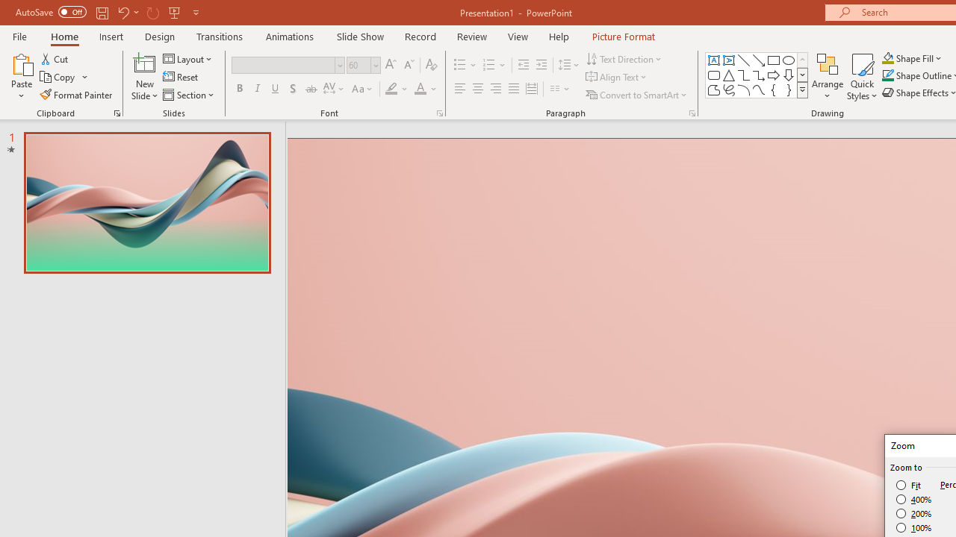  What do you see at coordinates (913, 513) in the screenshot?
I see `'200%'` at bounding box center [913, 513].